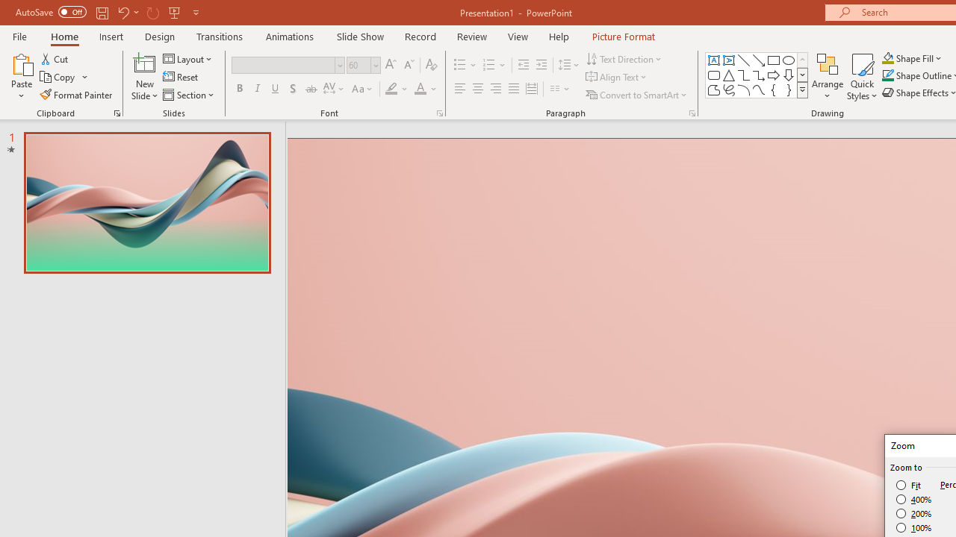  What do you see at coordinates (913, 513) in the screenshot?
I see `'200%'` at bounding box center [913, 513].